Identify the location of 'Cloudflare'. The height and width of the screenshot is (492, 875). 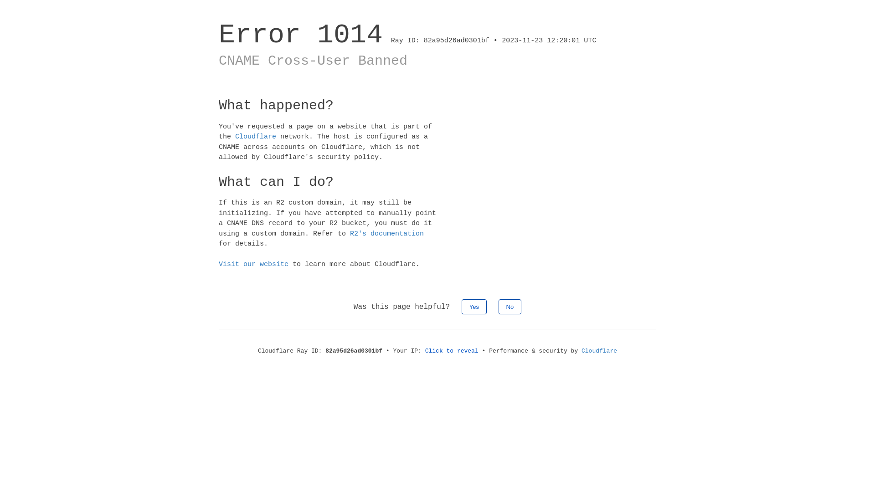
(599, 350).